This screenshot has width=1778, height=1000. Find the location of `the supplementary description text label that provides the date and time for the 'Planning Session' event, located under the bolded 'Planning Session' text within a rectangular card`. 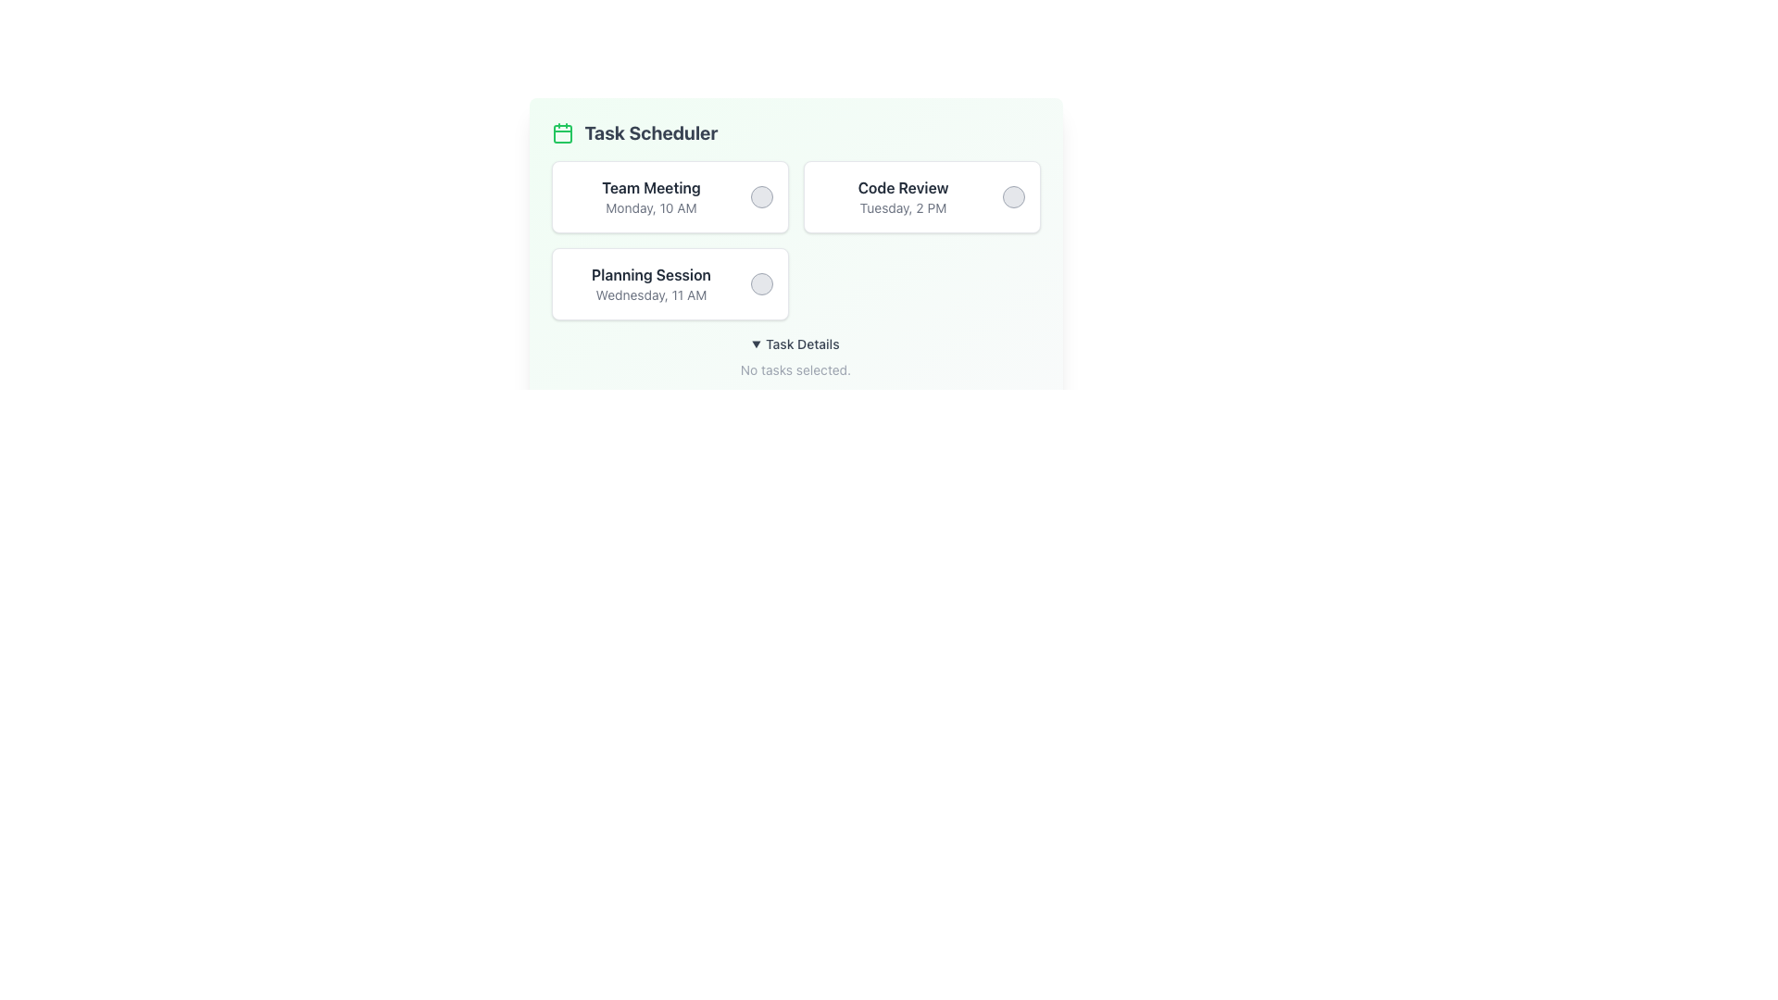

the supplementary description text label that provides the date and time for the 'Planning Session' event, located under the bolded 'Planning Session' text within a rectangular card is located at coordinates (651, 294).